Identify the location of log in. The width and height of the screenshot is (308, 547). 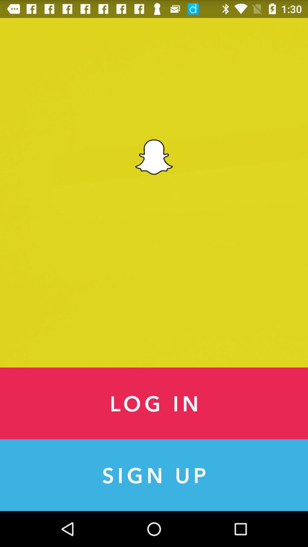
(154, 403).